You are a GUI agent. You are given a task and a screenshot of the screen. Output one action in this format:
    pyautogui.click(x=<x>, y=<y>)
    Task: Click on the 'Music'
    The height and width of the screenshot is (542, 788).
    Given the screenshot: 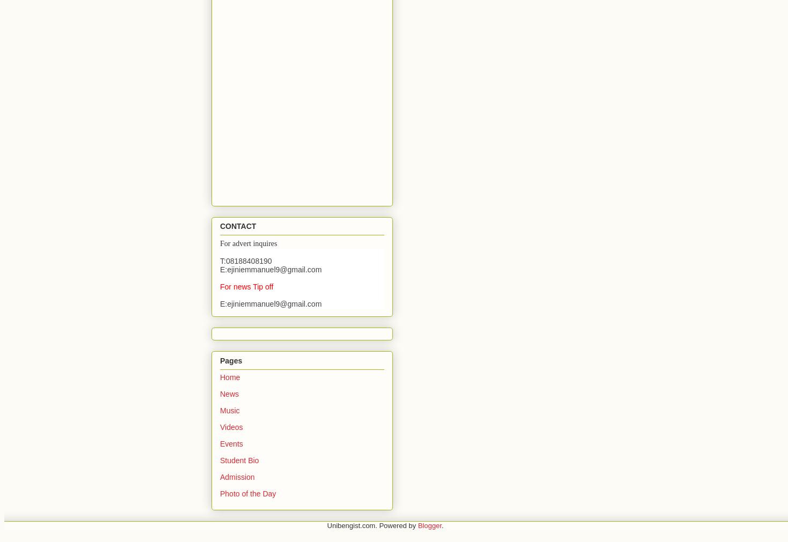 What is the action you would take?
    pyautogui.click(x=229, y=410)
    